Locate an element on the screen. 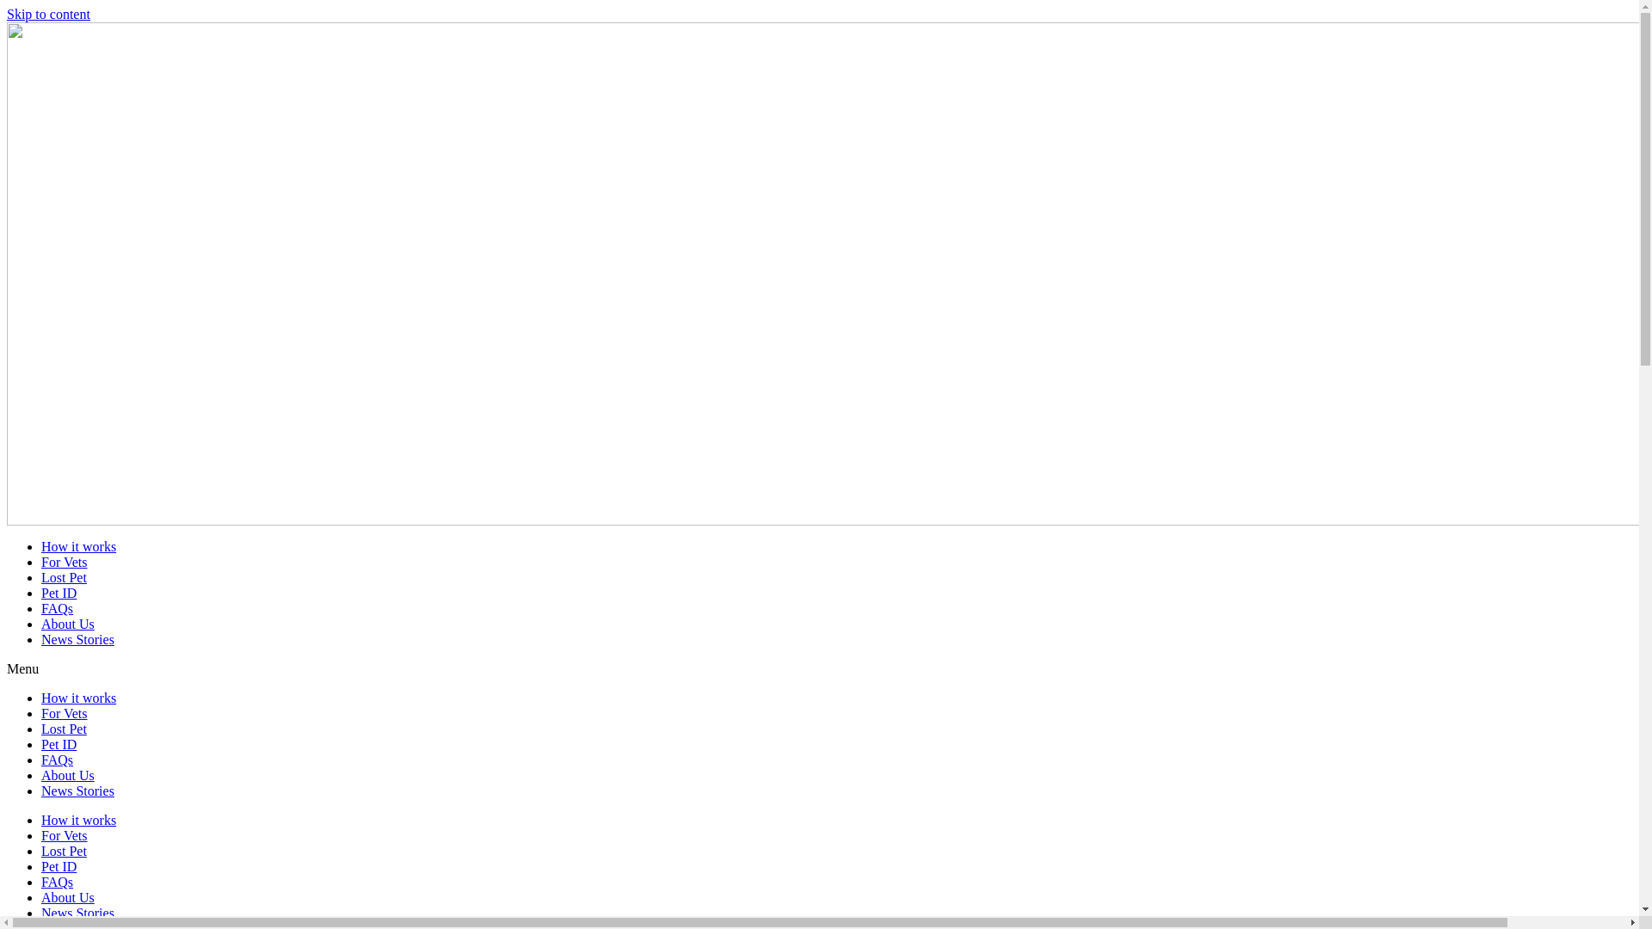 The height and width of the screenshot is (929, 1652). 'Pet ID' is located at coordinates (41, 743).